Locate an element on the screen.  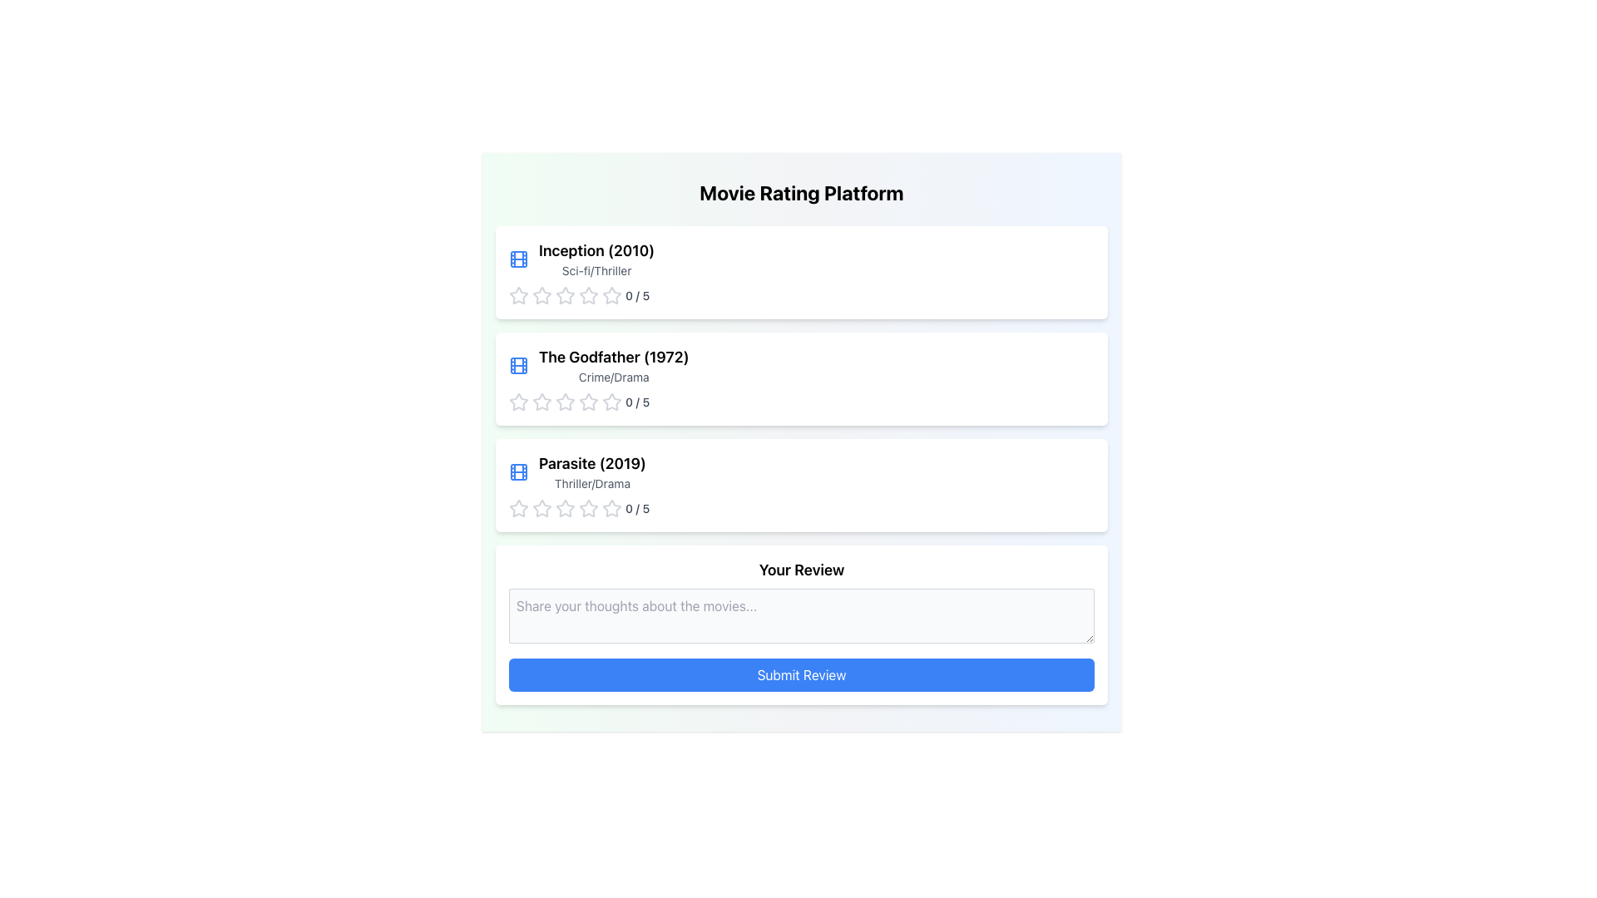
the first star rating icon for the movie 'Parasite (2019)' is located at coordinates (589, 507).